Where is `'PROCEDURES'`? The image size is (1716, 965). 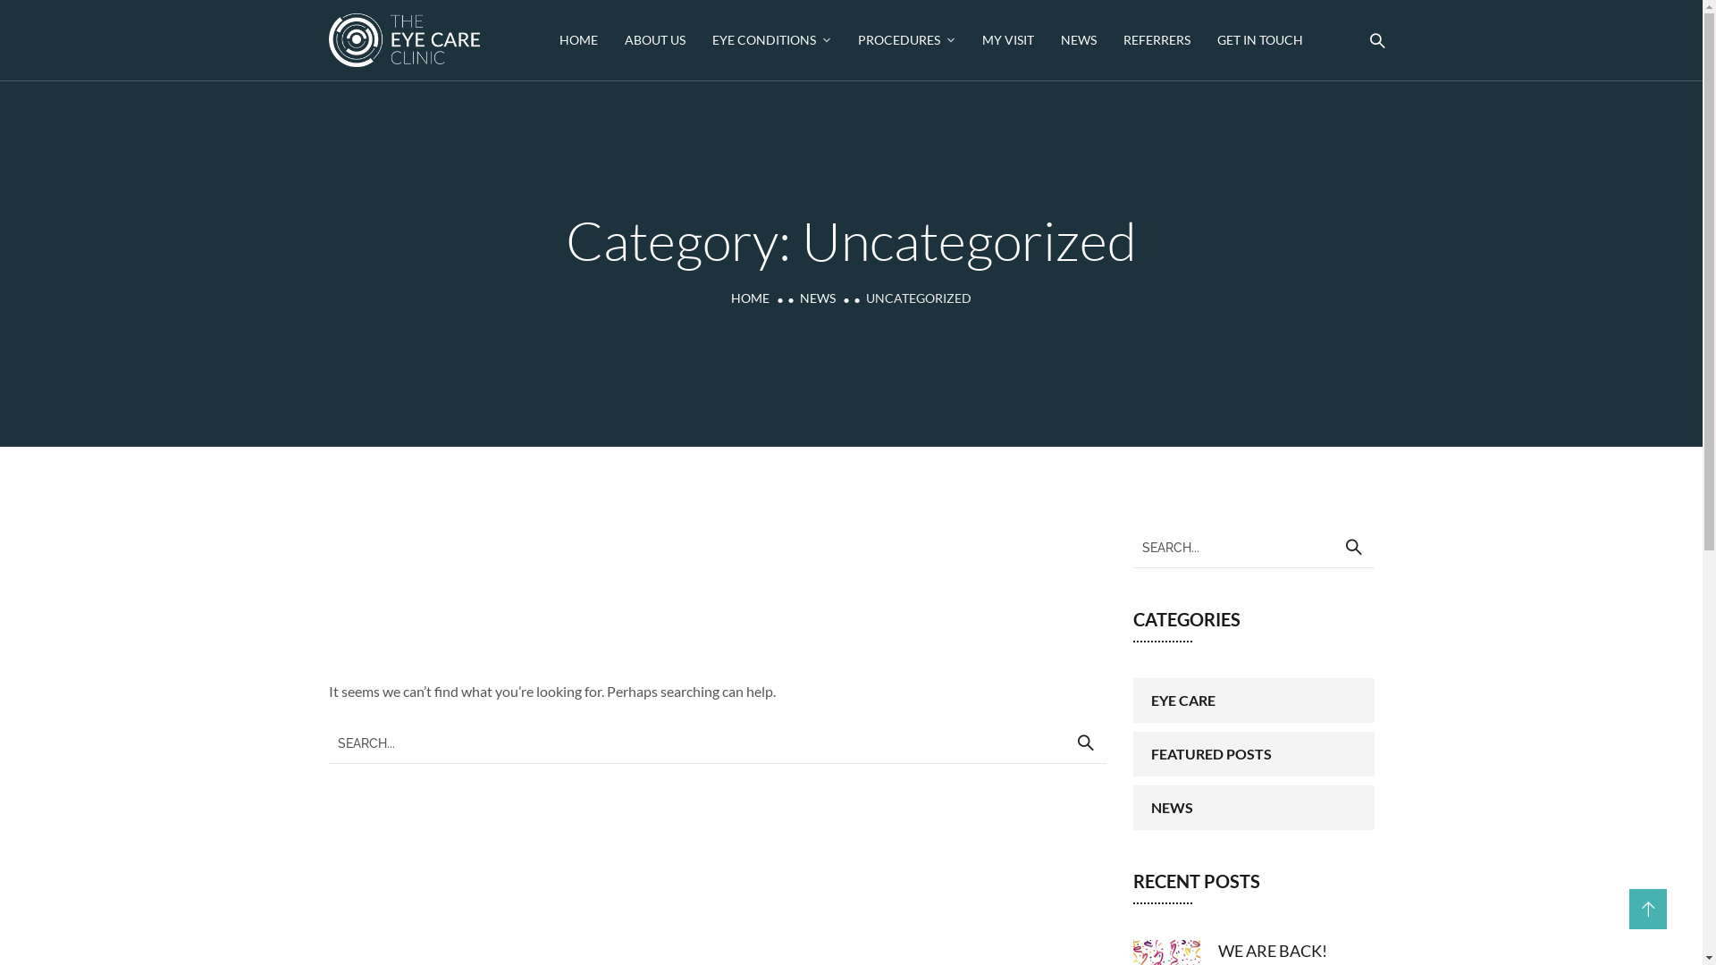
'PROCEDURES' is located at coordinates (858, 40).